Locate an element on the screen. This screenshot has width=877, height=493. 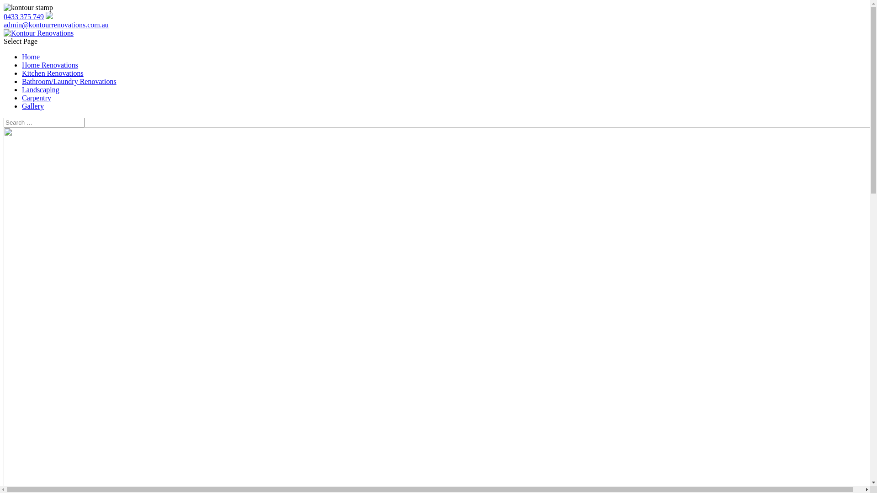
'Home' is located at coordinates (31, 57).